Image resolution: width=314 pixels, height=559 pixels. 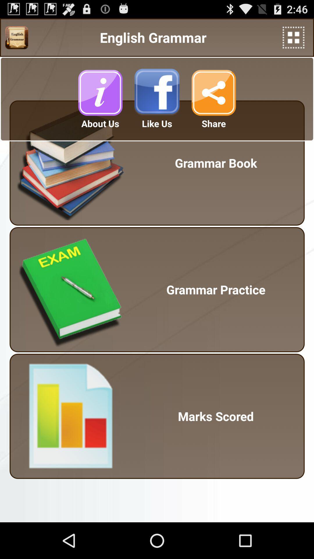 What do you see at coordinates (157, 92) in the screenshot?
I see `go facebook` at bounding box center [157, 92].